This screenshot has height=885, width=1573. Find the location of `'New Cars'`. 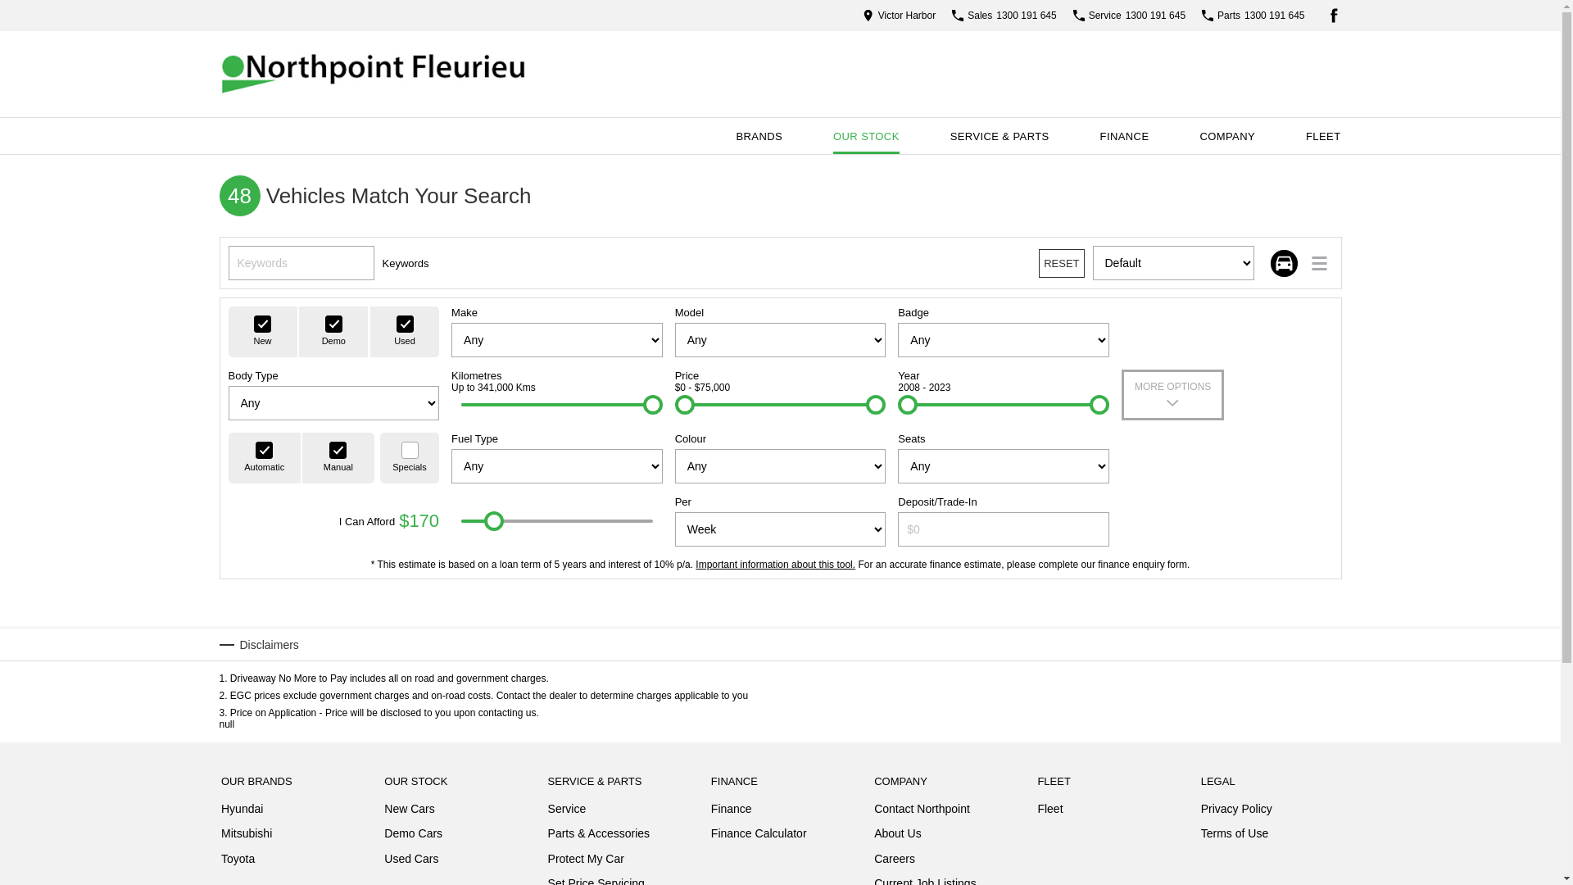

'New Cars' is located at coordinates (409, 812).